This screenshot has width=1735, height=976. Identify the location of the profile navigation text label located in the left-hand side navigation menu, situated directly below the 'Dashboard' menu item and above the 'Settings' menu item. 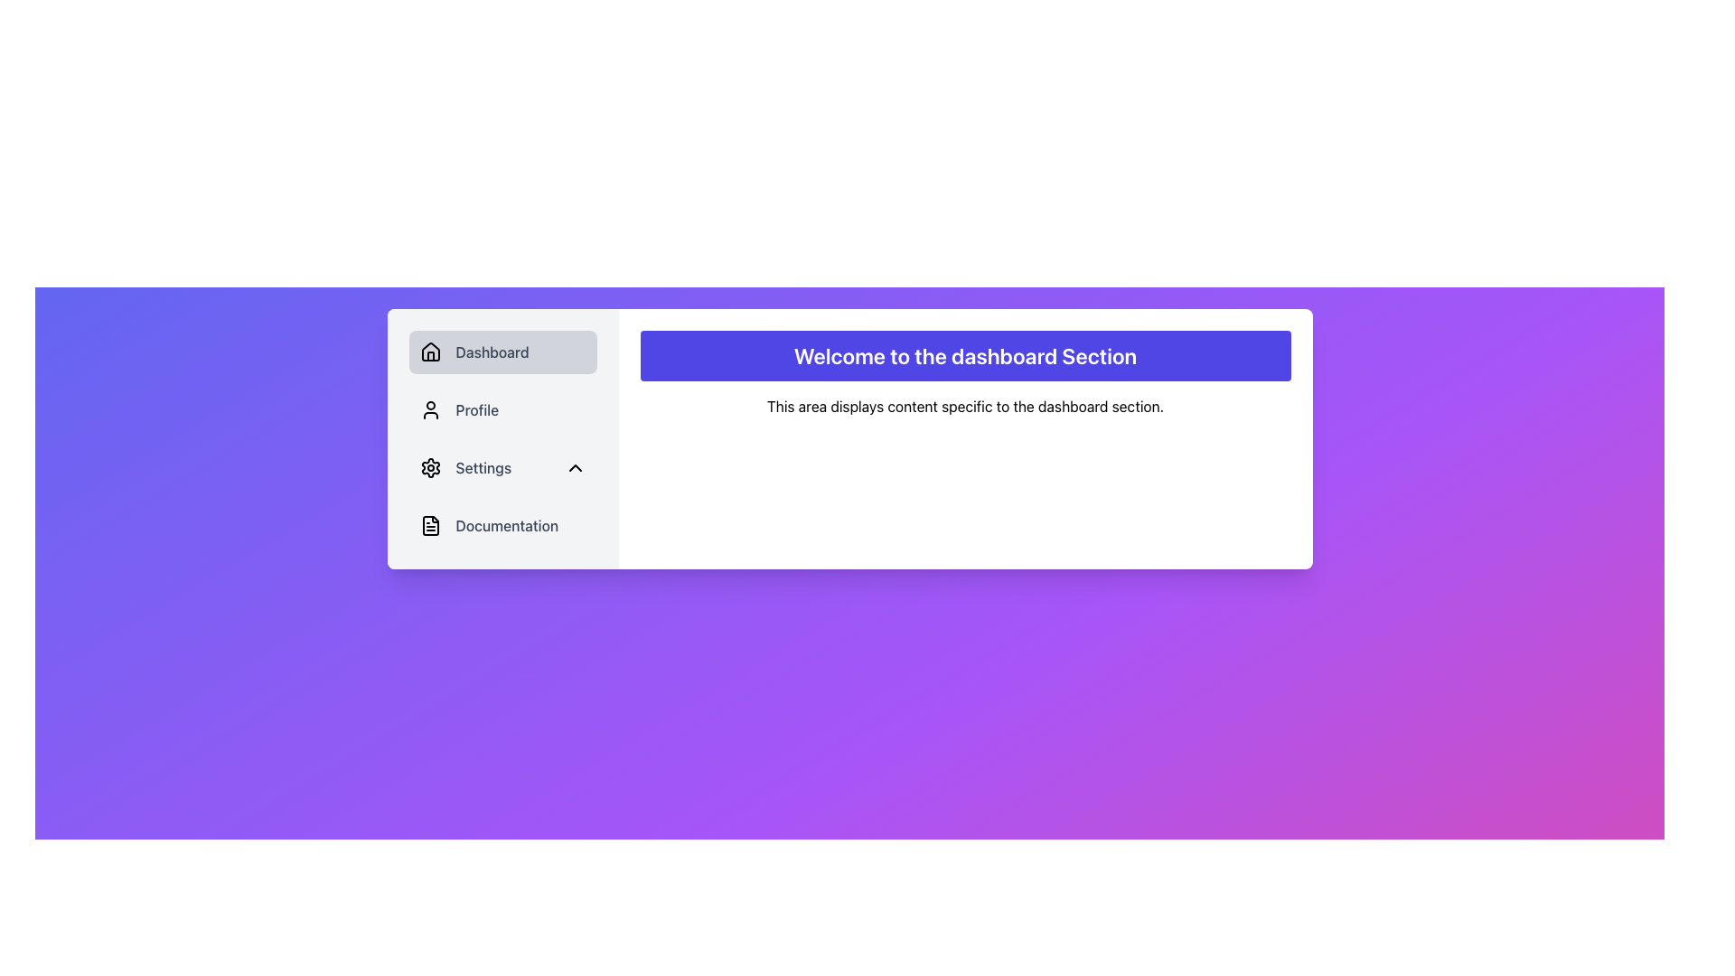
(477, 410).